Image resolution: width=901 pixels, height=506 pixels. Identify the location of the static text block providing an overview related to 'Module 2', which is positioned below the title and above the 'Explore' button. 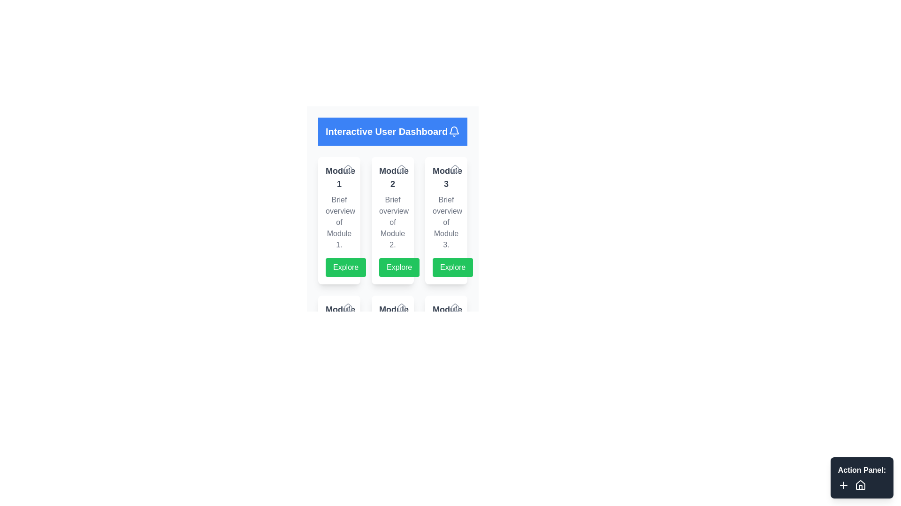
(392, 222).